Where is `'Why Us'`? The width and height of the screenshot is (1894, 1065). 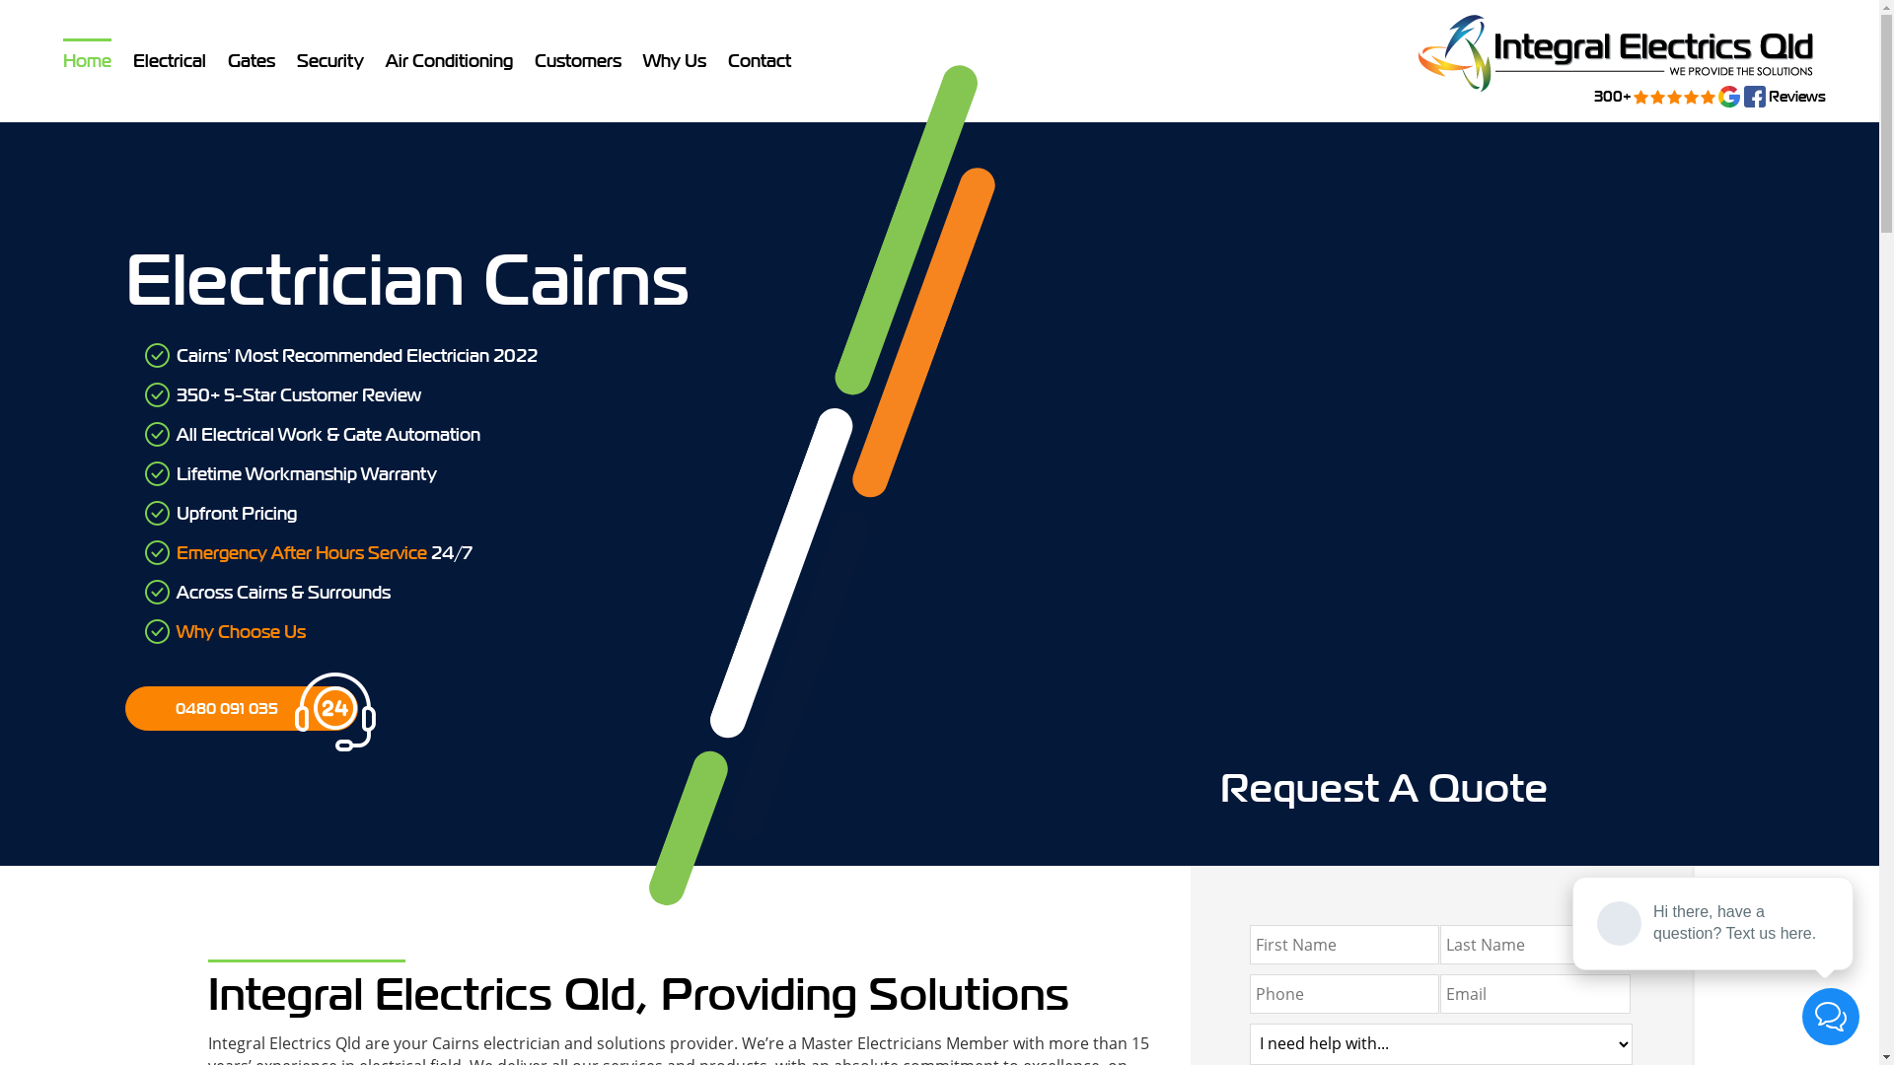
'Why Us' is located at coordinates (674, 59).